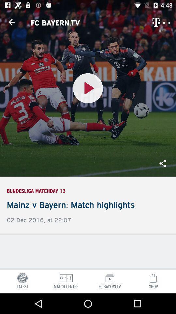 This screenshot has width=176, height=314. What do you see at coordinates (162, 163) in the screenshot?
I see `the share icon` at bounding box center [162, 163].